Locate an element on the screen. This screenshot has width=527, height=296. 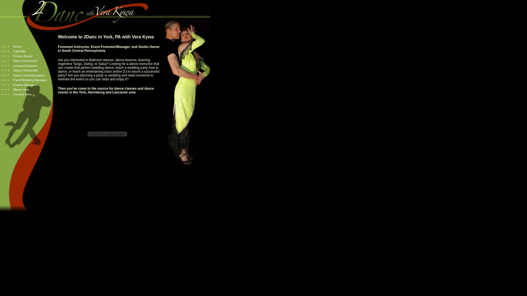
'Calendar' is located at coordinates (2, 51).